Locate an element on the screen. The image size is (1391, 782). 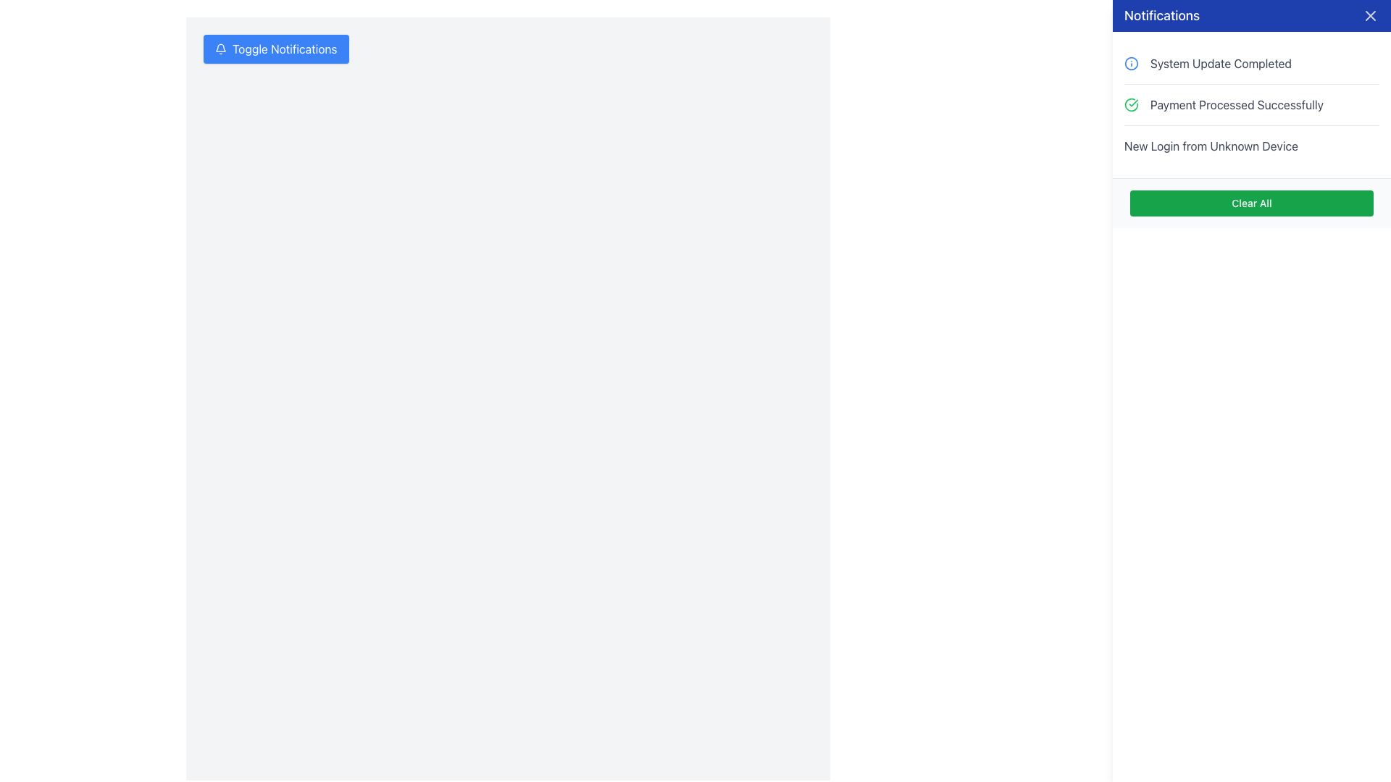
the notification icon representing the 'Toggle Notifications' button, which is located to the left of the 'Toggle Notifications' text is located at coordinates (220, 49).